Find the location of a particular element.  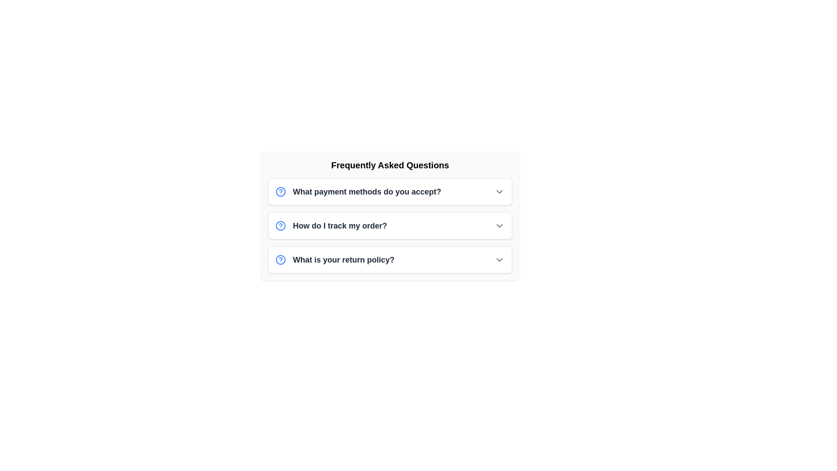

the last item in the FAQ section that expands or collapses additional information about return policies is located at coordinates (334, 259).